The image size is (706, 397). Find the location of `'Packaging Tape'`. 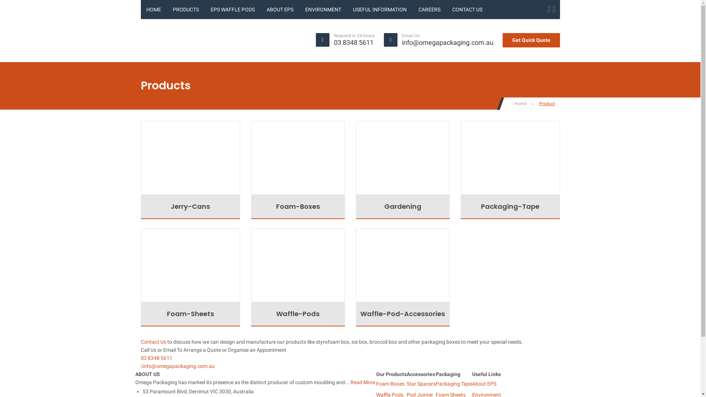

'Packaging Tape' is located at coordinates (453, 383).